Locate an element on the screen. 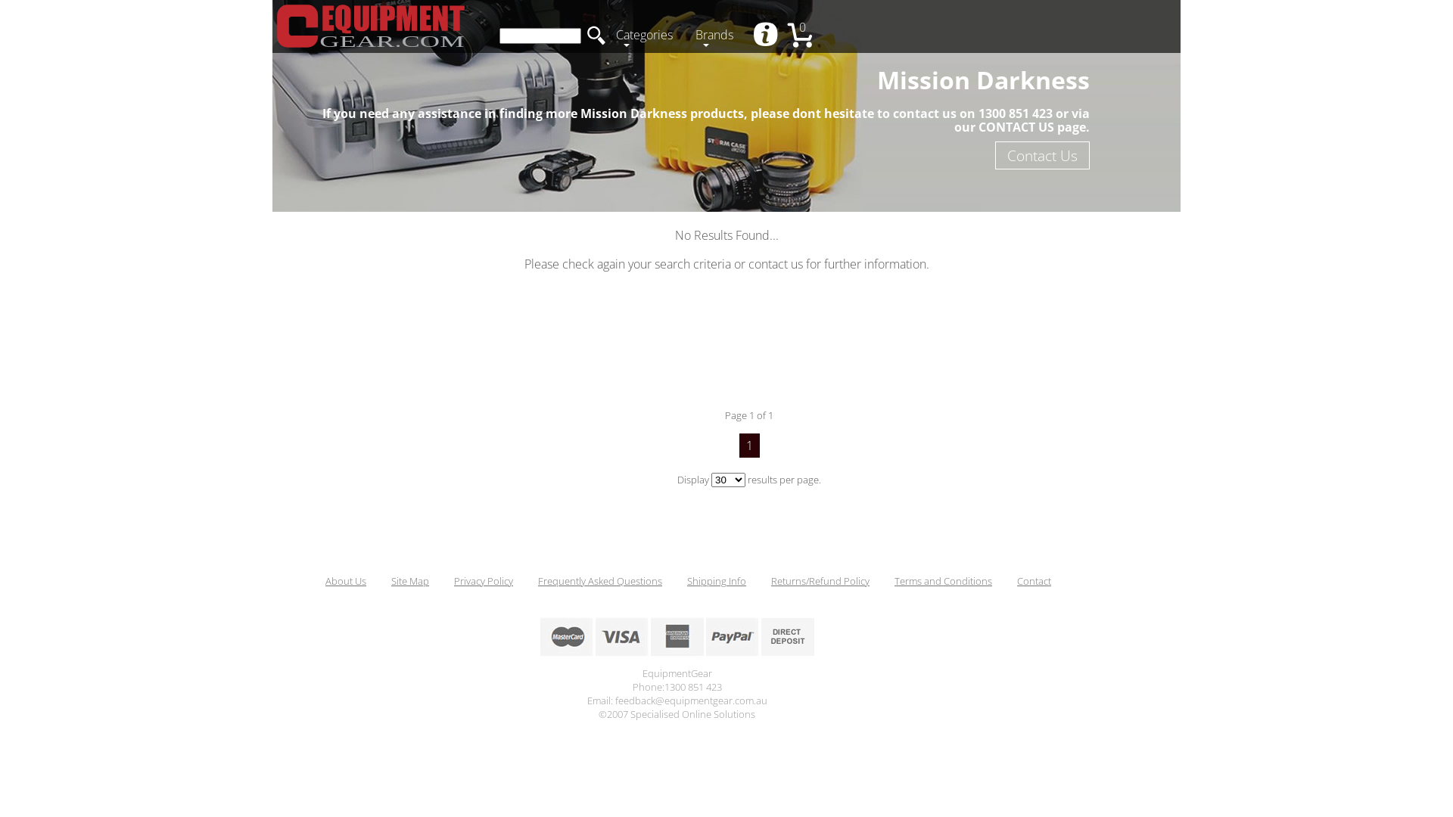 The height and width of the screenshot is (817, 1453). 'Product Search' is located at coordinates (540, 35).